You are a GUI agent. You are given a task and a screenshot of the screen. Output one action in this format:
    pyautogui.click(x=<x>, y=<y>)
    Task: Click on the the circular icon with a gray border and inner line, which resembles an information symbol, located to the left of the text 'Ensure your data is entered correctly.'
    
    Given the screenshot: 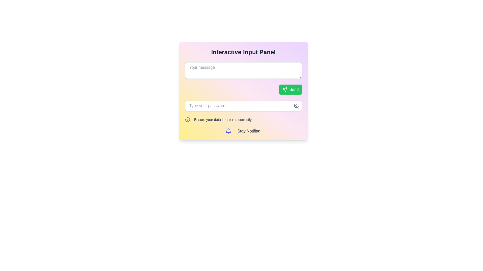 What is the action you would take?
    pyautogui.click(x=187, y=120)
    